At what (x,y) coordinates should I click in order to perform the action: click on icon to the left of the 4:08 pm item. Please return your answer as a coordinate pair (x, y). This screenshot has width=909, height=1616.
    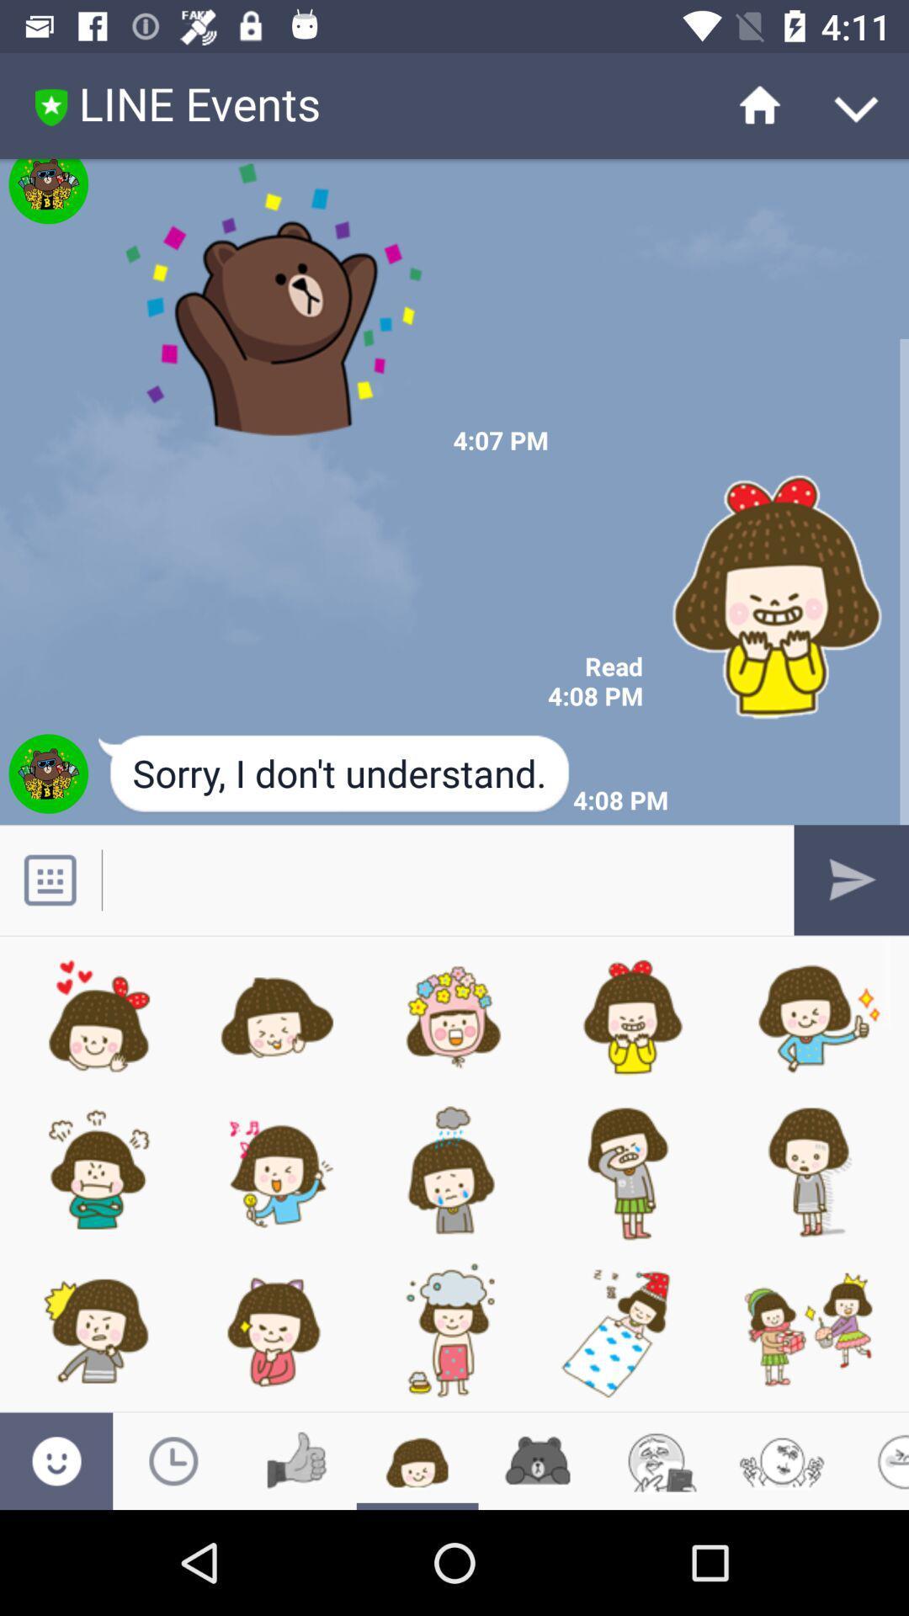
    Looking at the image, I should click on (335, 774).